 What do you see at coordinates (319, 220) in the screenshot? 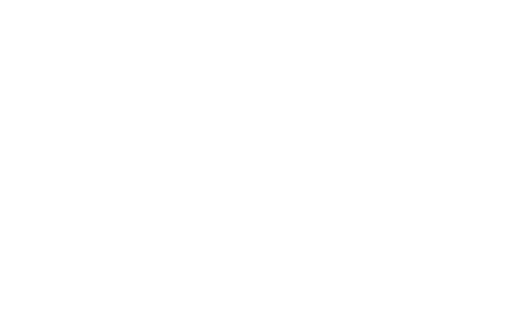
I see `'Name'` at bounding box center [319, 220].